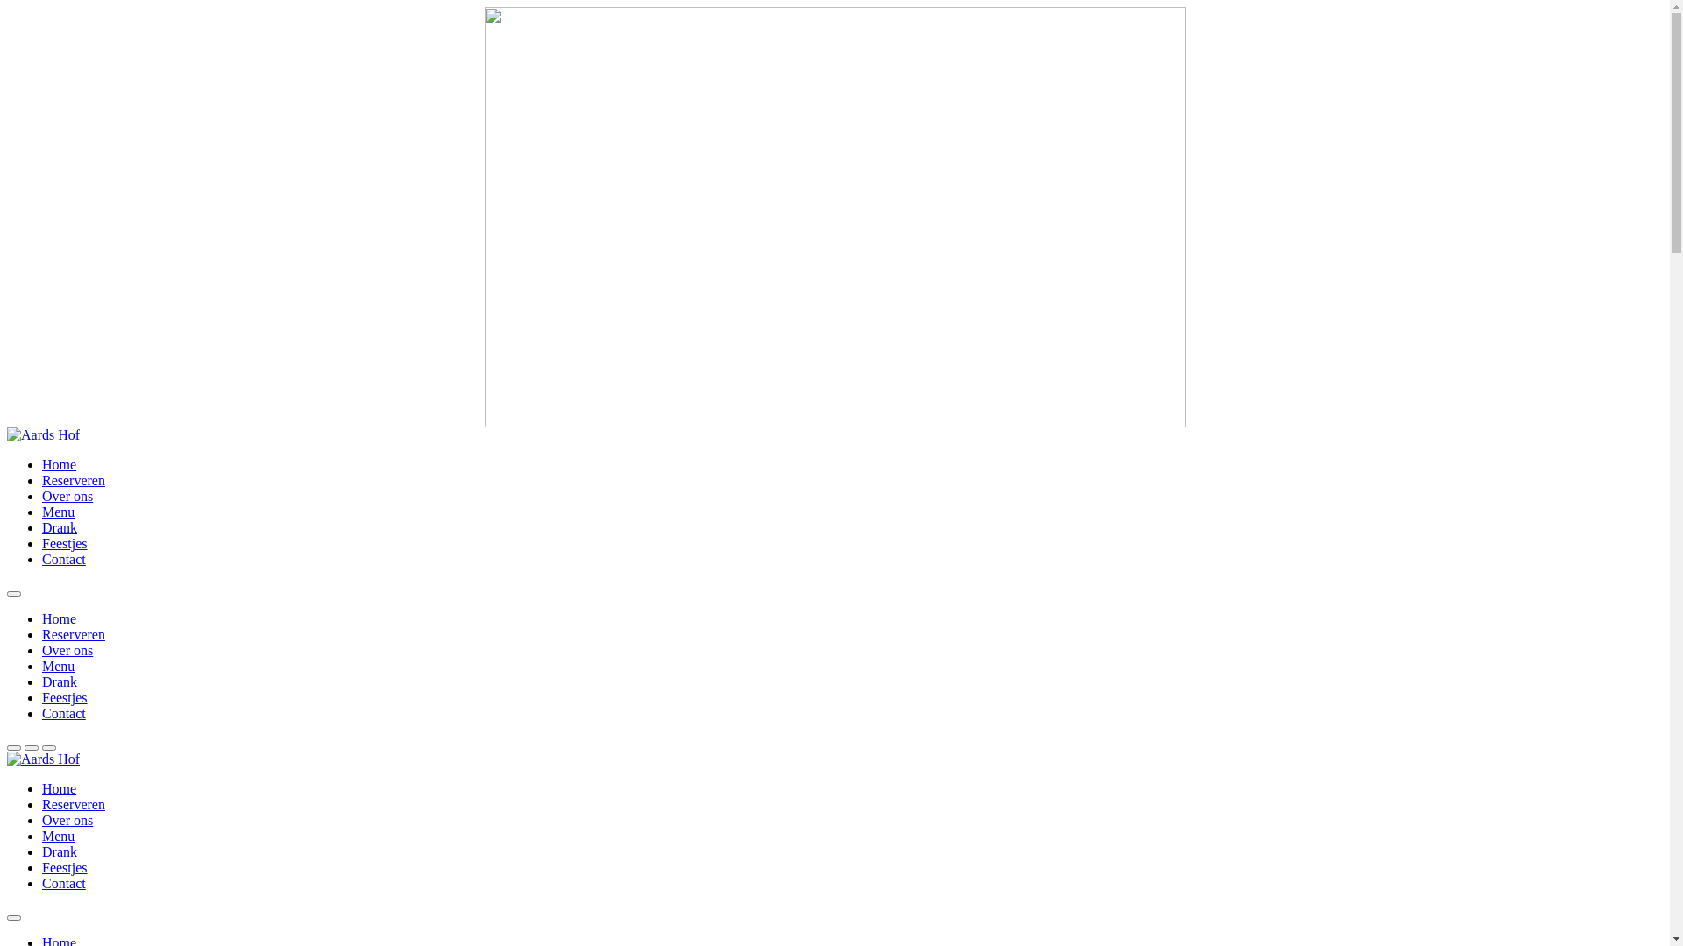 The width and height of the screenshot is (1683, 946). Describe the element at coordinates (42, 480) in the screenshot. I see `'Reserveren'` at that location.